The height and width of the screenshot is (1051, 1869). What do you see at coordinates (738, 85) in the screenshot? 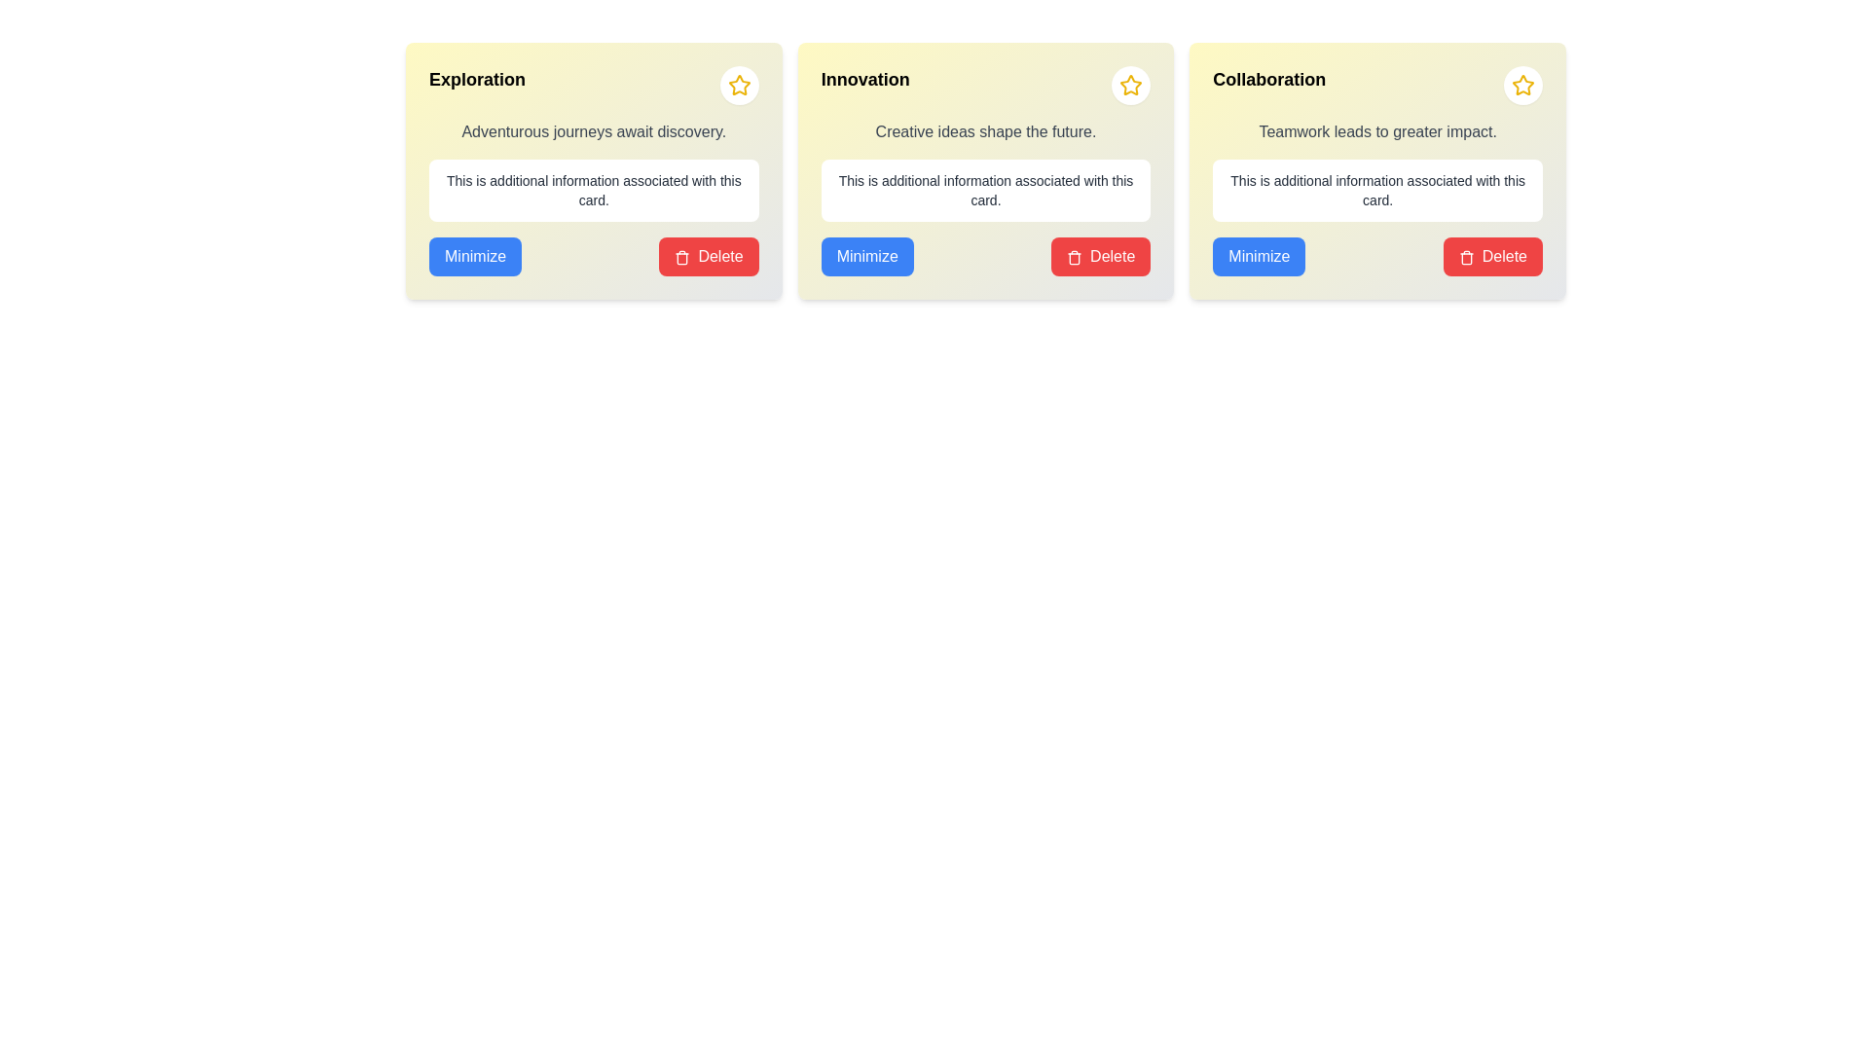
I see `the star icon located at the top-right corner of the 'Innovation' card` at bounding box center [738, 85].